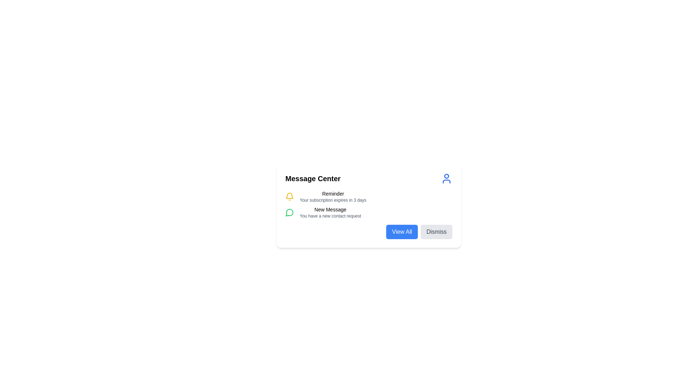 This screenshot has height=389, width=691. What do you see at coordinates (333, 200) in the screenshot?
I see `the text label reading 'Your subscription expires in 3 days', which is located below the bold title 'Reminder' in the notification section` at bounding box center [333, 200].